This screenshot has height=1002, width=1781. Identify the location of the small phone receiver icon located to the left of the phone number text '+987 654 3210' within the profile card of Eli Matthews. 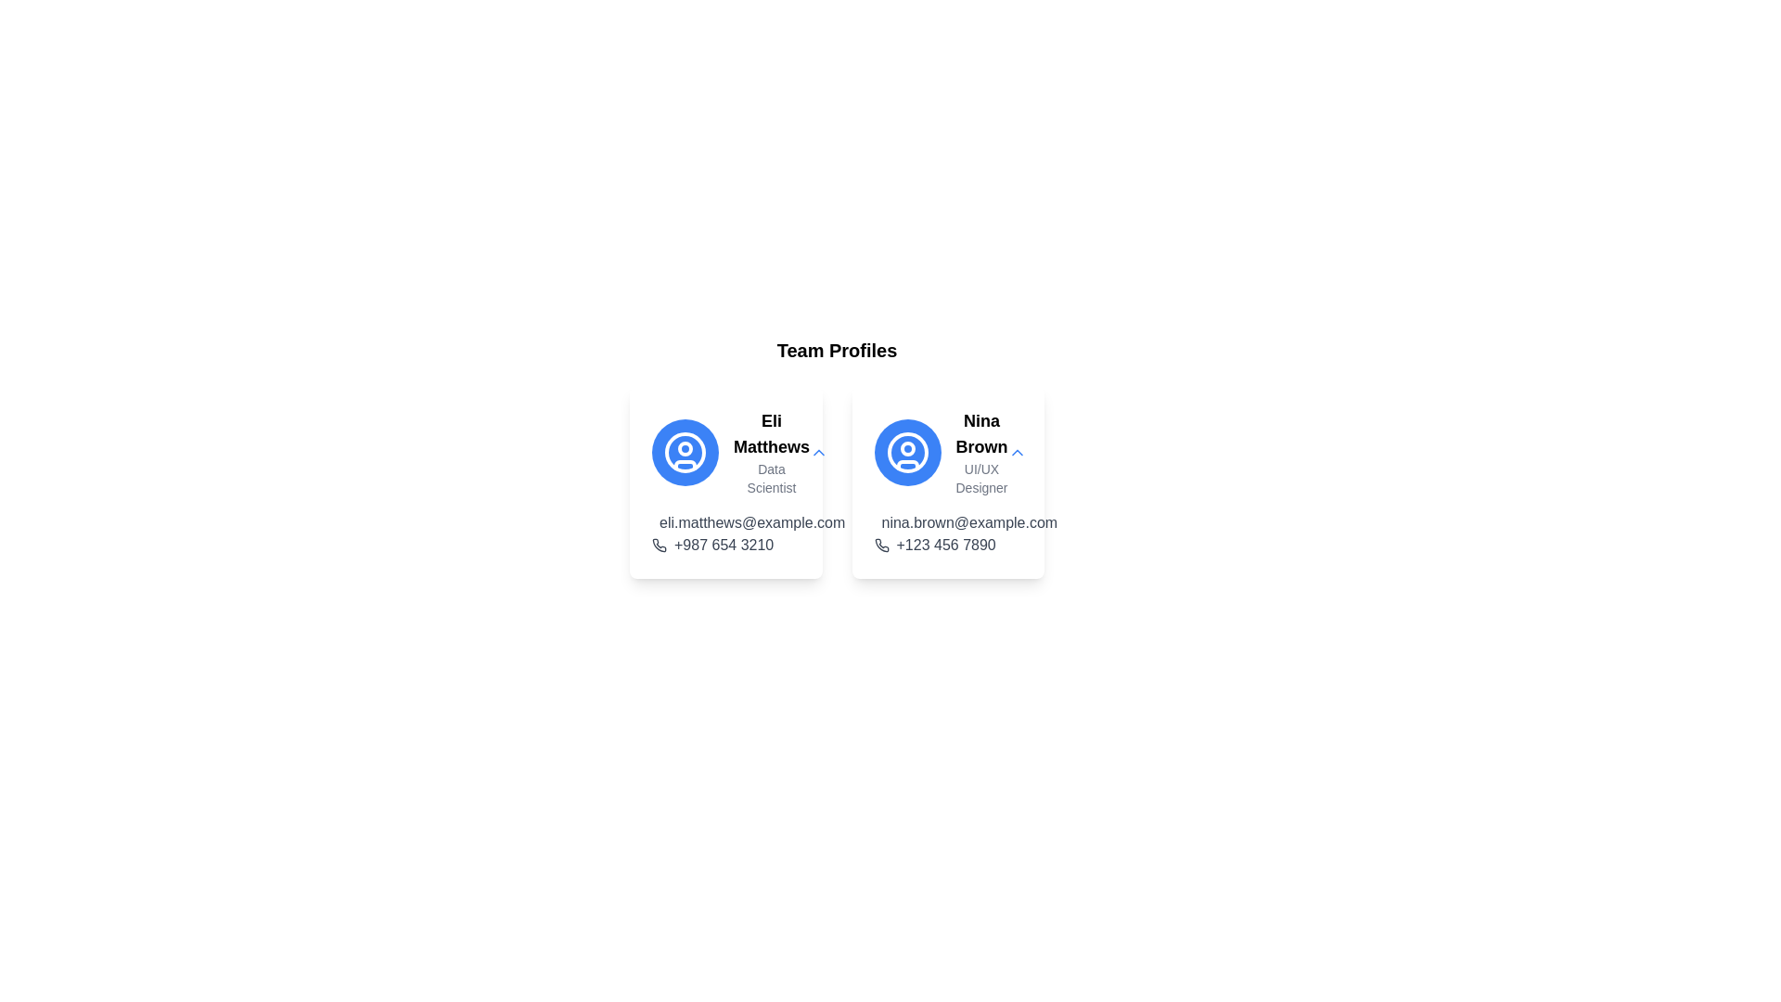
(659, 544).